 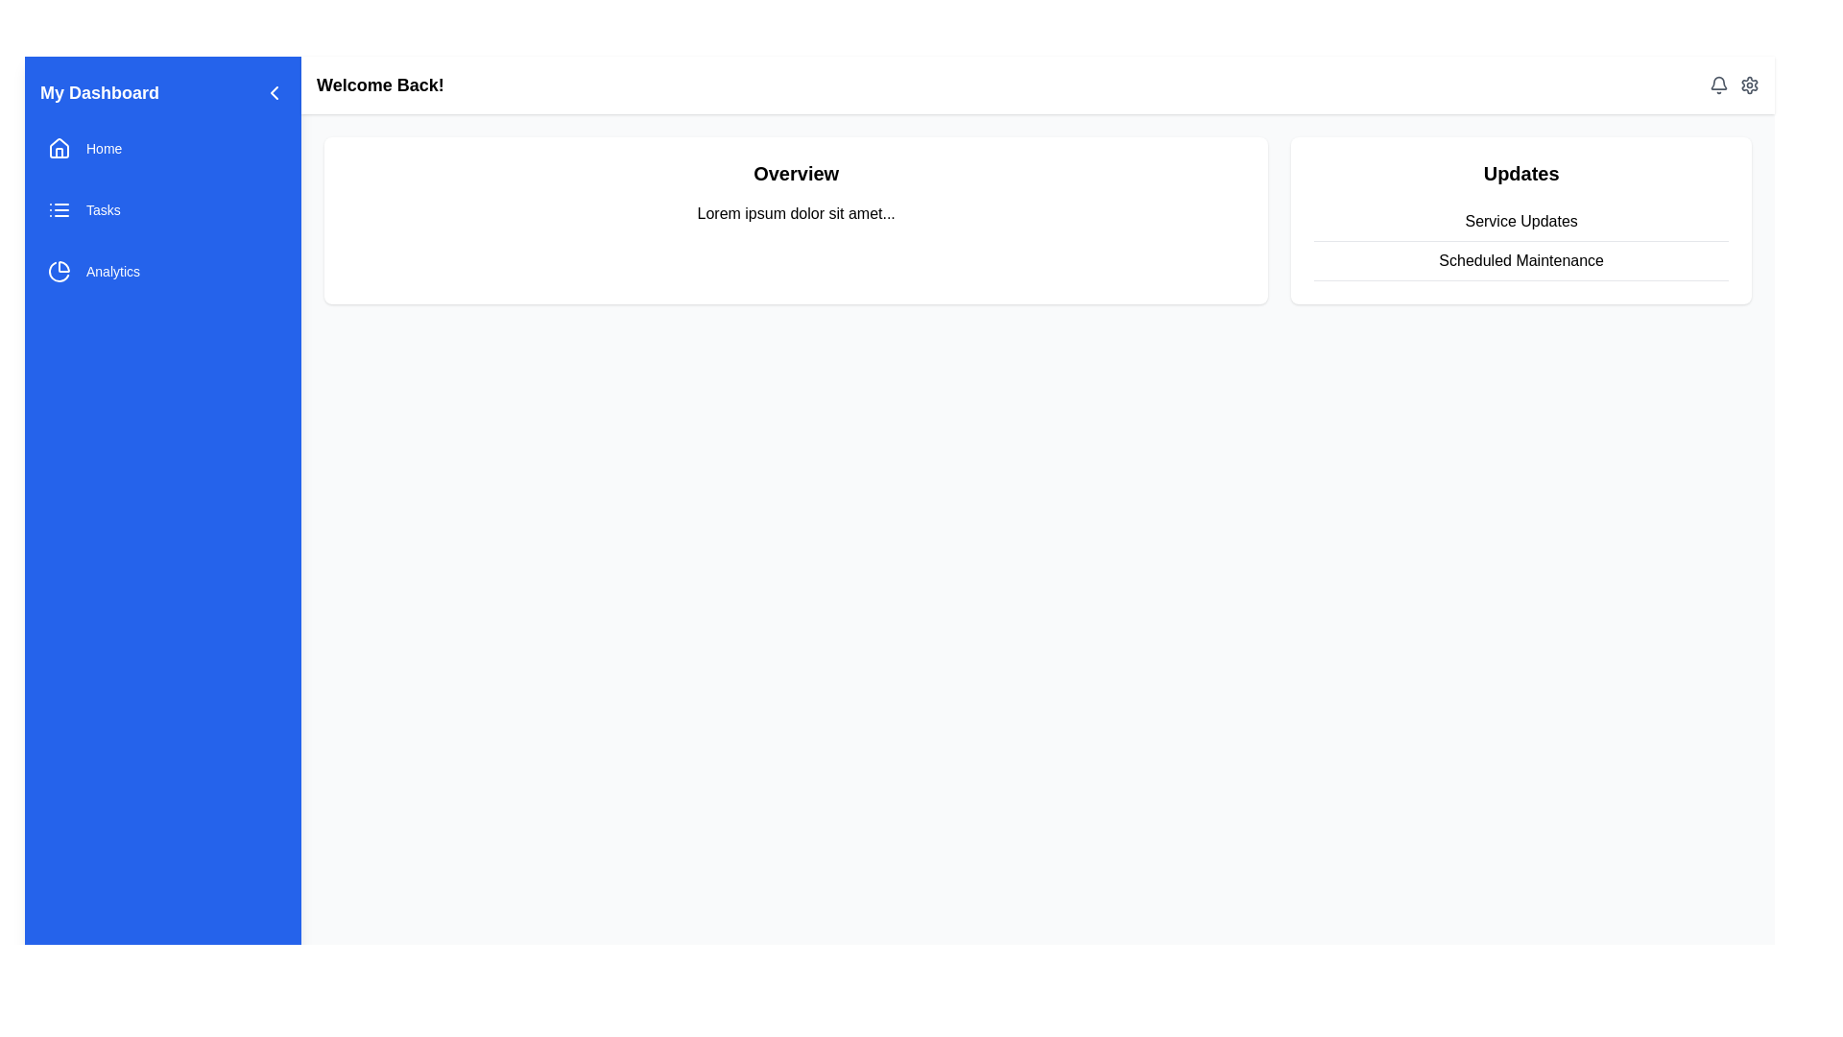 What do you see at coordinates (162, 147) in the screenshot?
I see `the first navigation link in the vertical list on the left sidebar` at bounding box center [162, 147].